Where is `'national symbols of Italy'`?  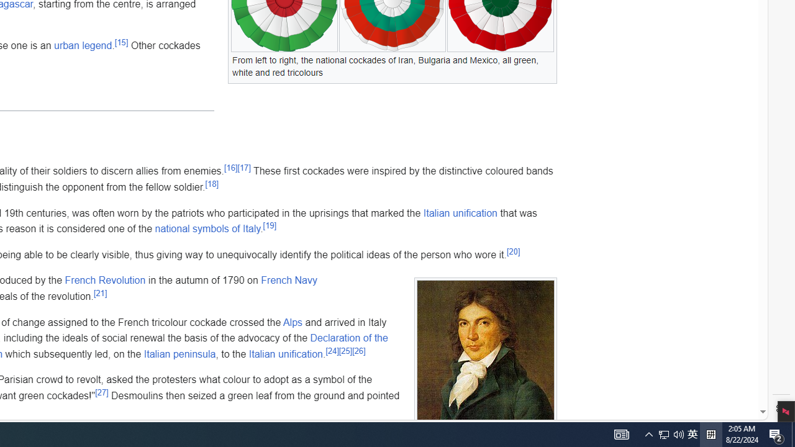
'national symbols of Italy' is located at coordinates (207, 228).